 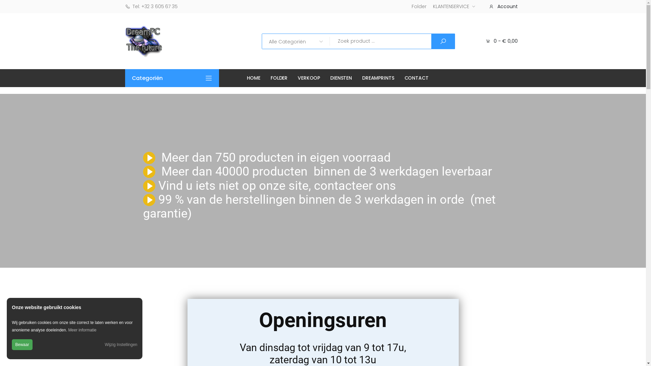 What do you see at coordinates (454, 6) in the screenshot?
I see `'KLANTENSERVICE'` at bounding box center [454, 6].